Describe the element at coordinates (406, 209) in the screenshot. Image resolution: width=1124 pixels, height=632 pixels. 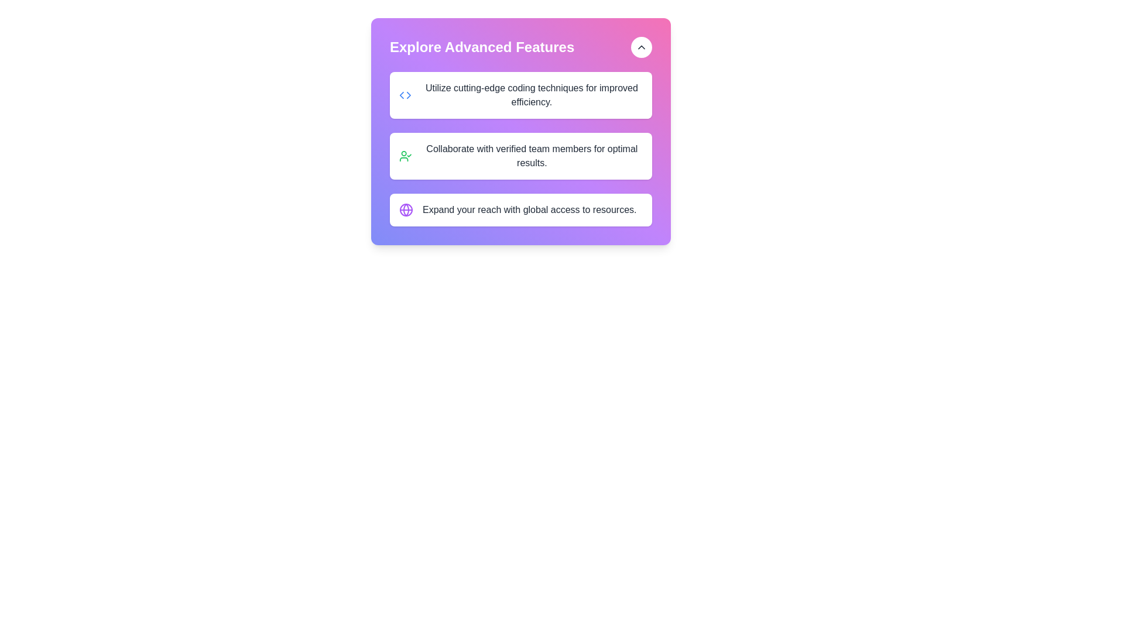
I see `the central circular part of the 'globe' icon graphic, which is the Decorative vector element located within the second listing entry on the interface, rightmost in its row` at that location.